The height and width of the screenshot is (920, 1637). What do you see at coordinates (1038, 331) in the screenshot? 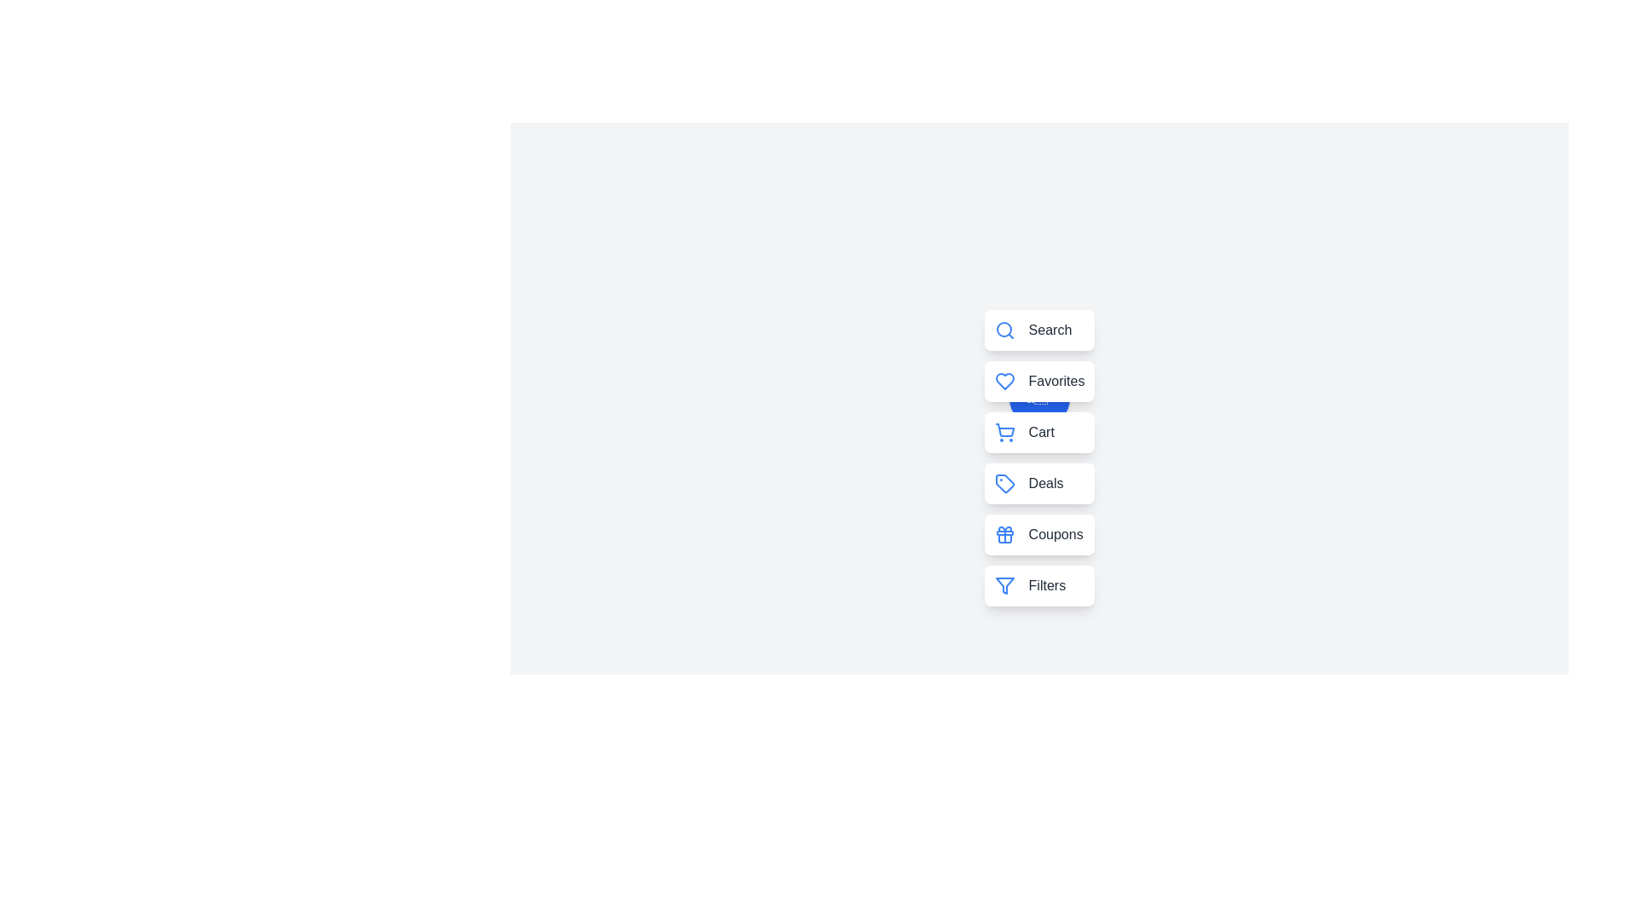
I see `the first search button in the vertical stack located in the bottom-right corner of the interface to trigger a visual response` at bounding box center [1038, 331].